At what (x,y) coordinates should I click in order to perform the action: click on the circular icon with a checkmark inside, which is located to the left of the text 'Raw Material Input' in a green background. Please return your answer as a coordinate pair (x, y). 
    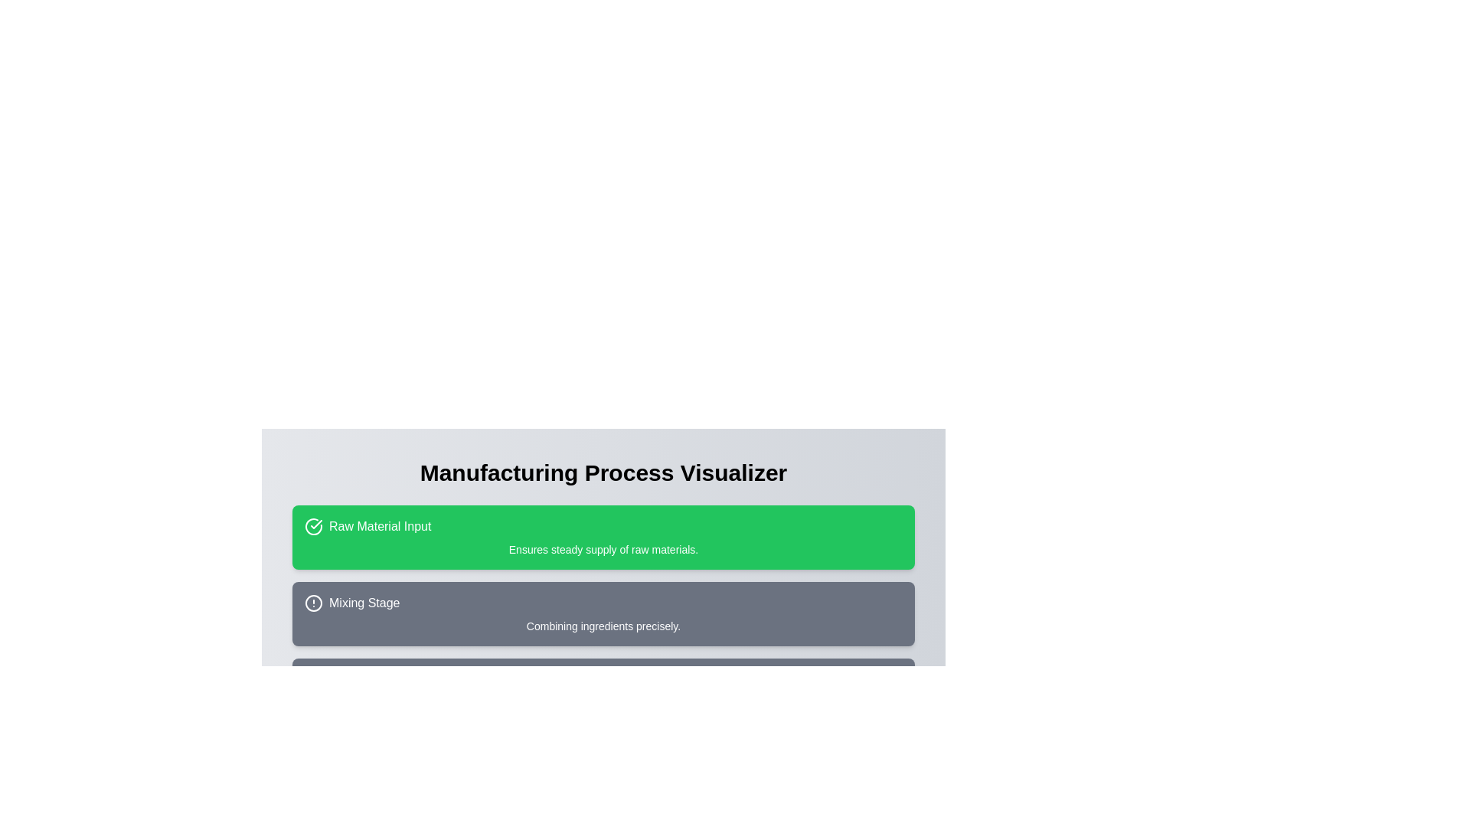
    Looking at the image, I should click on (312, 525).